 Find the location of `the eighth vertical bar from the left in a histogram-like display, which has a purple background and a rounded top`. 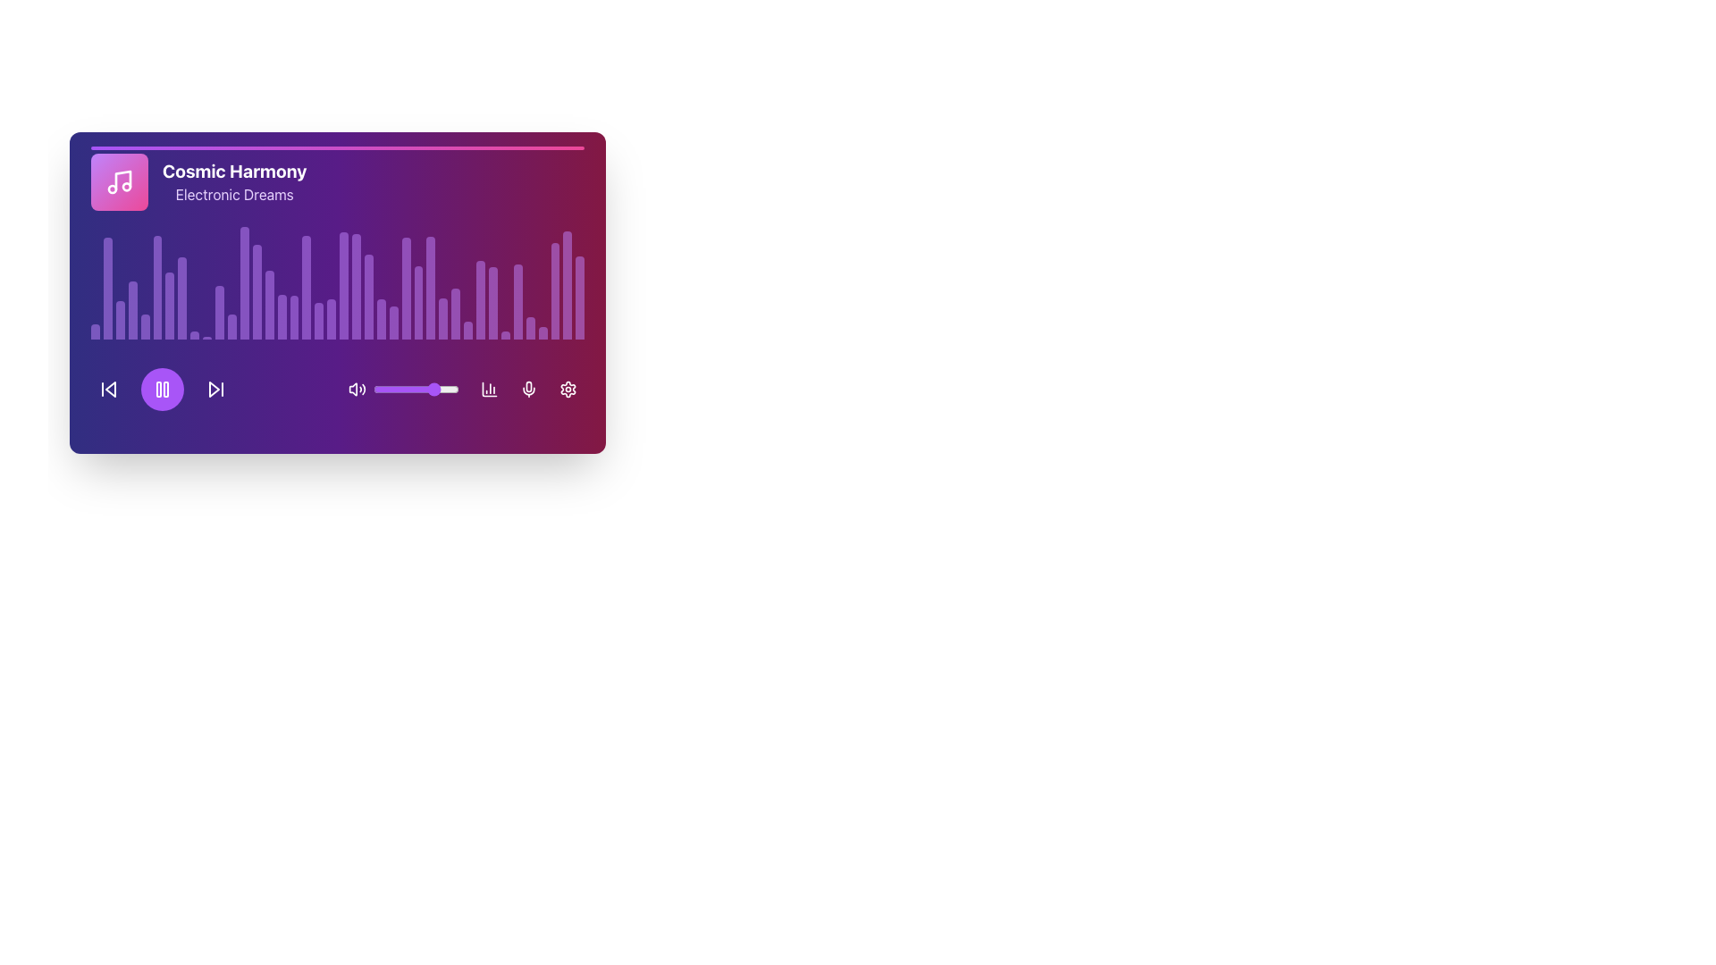

the eighth vertical bar from the left in a histogram-like display, which has a purple background and a rounded top is located at coordinates (182, 297).